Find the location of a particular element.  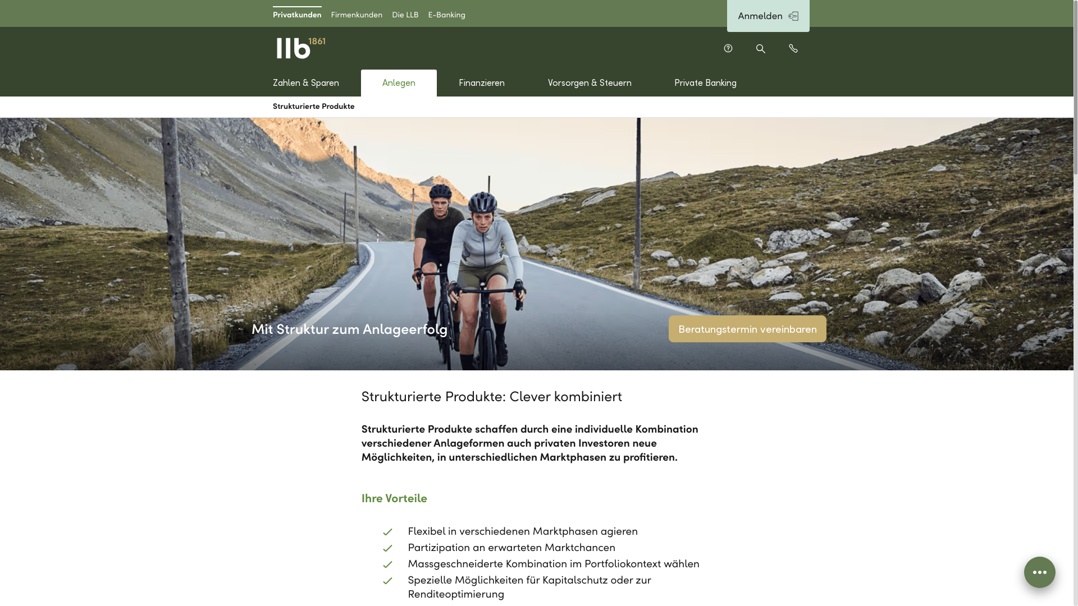

'Firmenkunden' is located at coordinates (356, 13).